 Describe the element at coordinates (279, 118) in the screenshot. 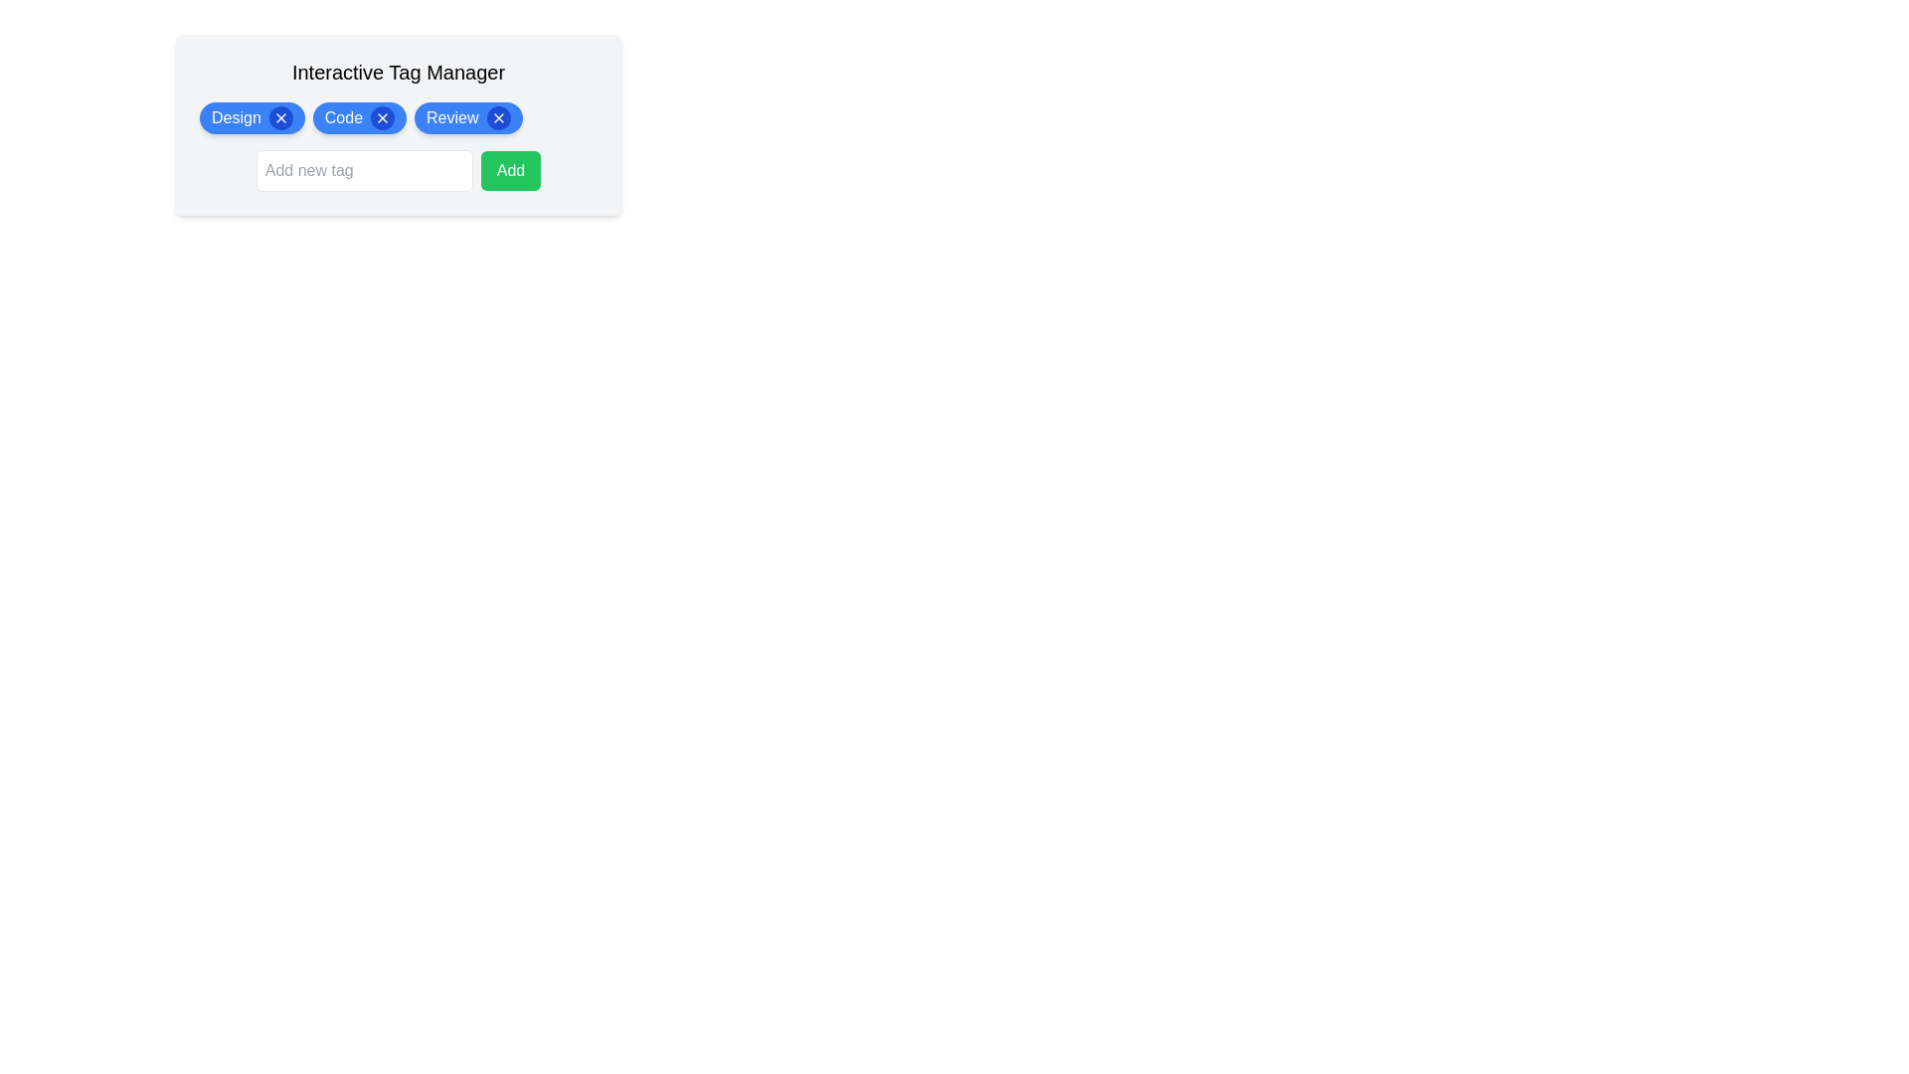

I see `the delete button for the 'Design' tag to change its background color` at that location.